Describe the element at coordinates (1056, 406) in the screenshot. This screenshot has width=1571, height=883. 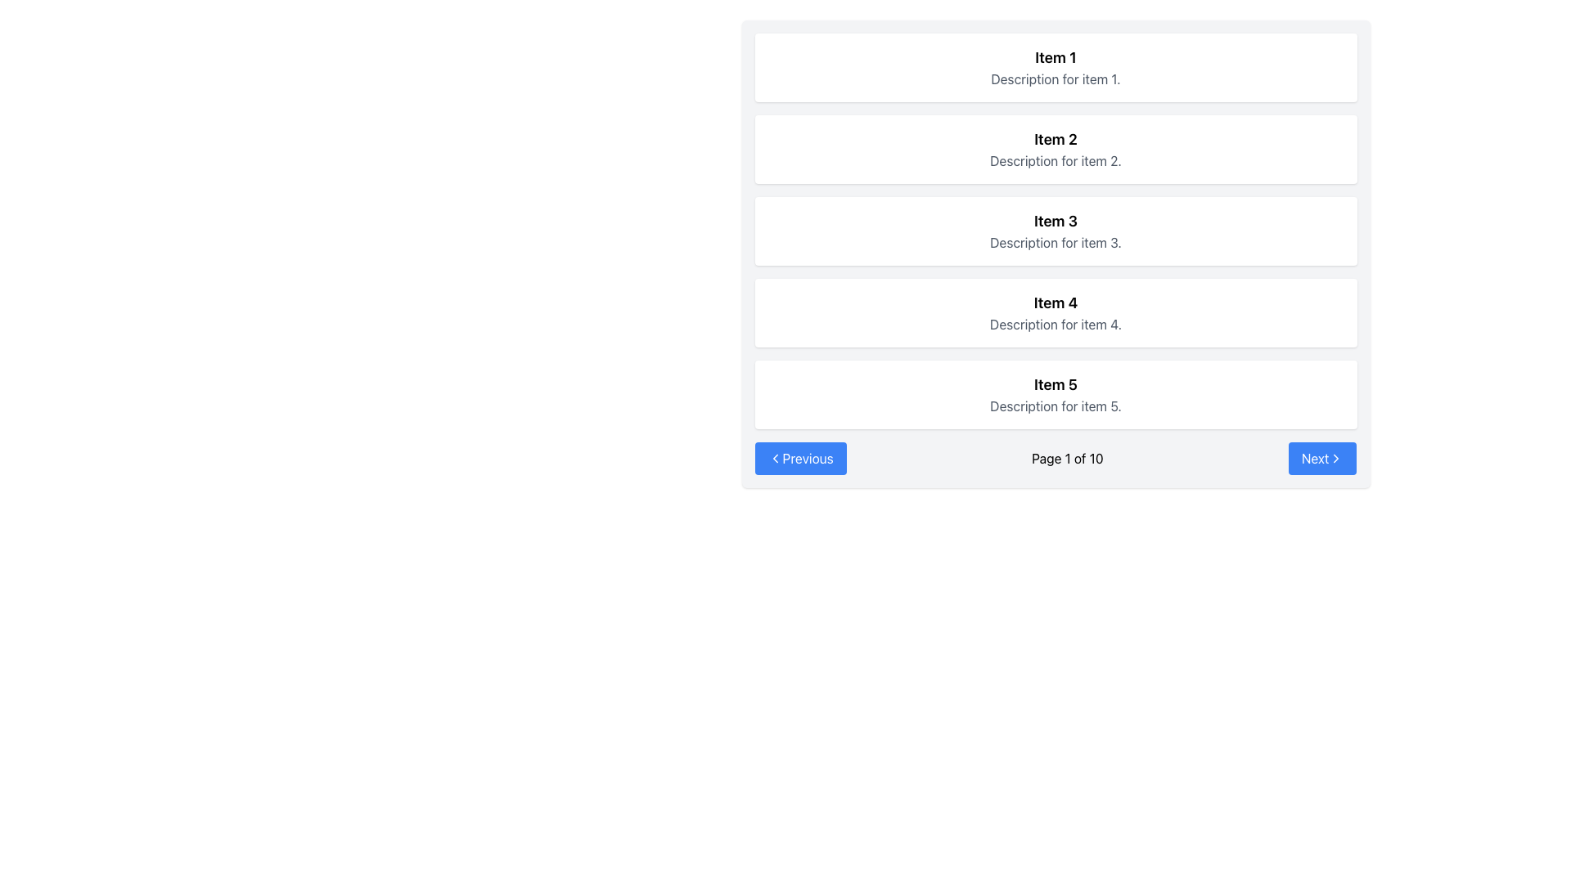
I see `descriptive text located in the box below the title 'Item 5', which is the fifth item in a vertical list layout` at that location.